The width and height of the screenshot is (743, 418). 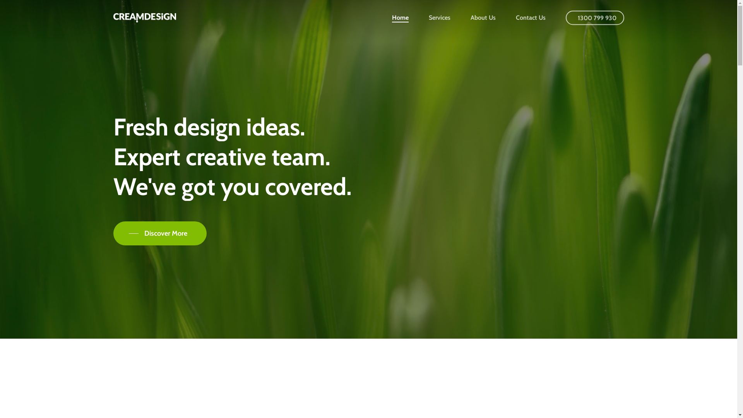 What do you see at coordinates (159, 233) in the screenshot?
I see `'Discover More'` at bounding box center [159, 233].